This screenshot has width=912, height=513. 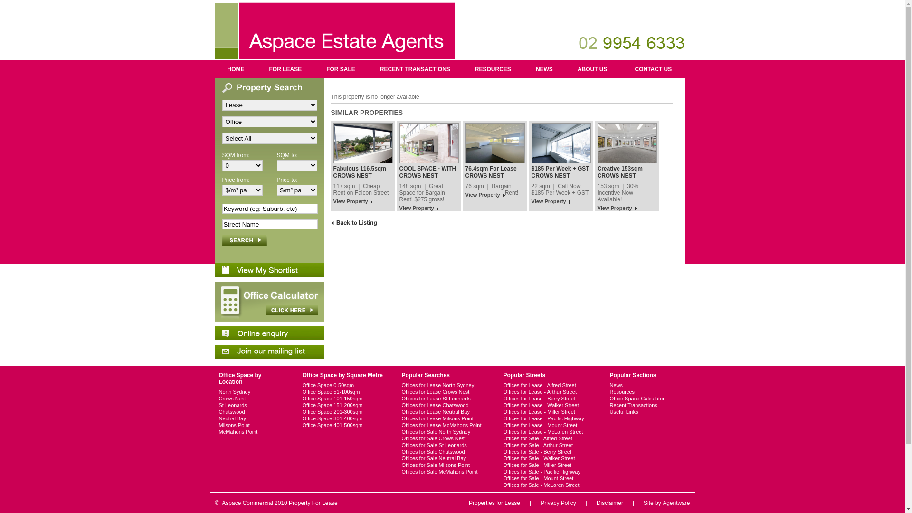 What do you see at coordinates (503, 438) in the screenshot?
I see `'Offices for Sale - Alfred Street'` at bounding box center [503, 438].